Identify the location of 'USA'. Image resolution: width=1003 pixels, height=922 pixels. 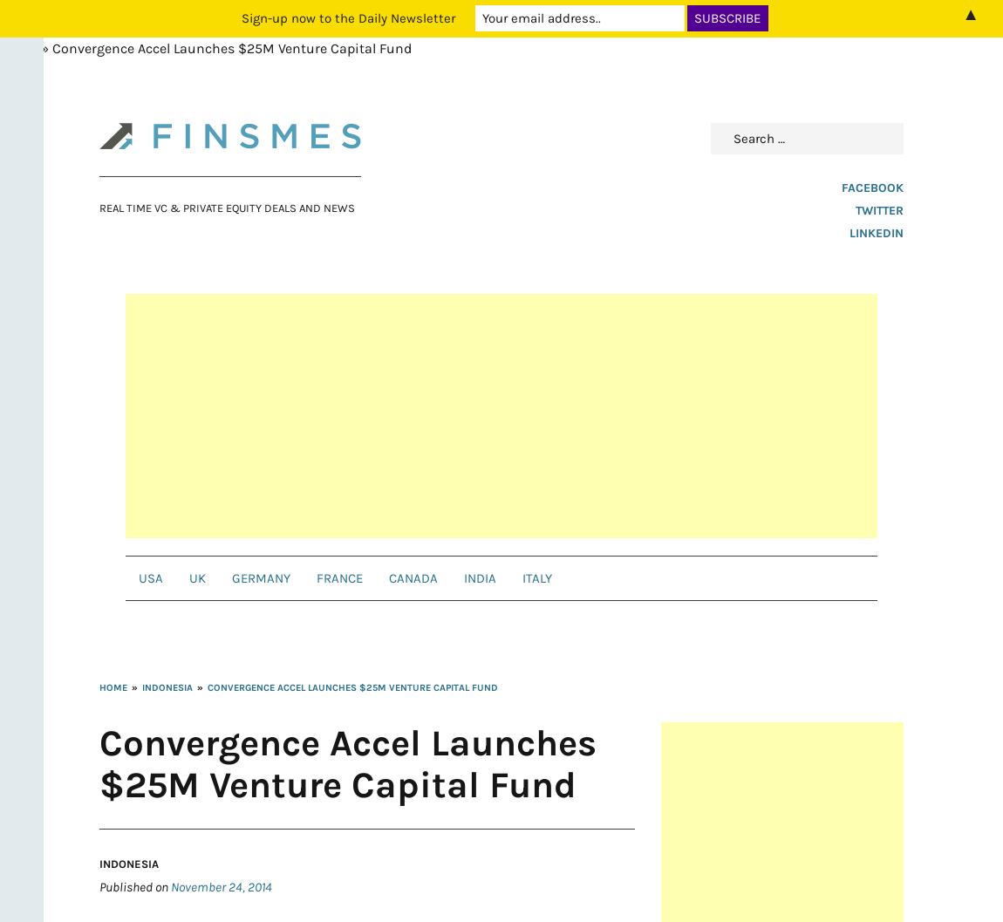
(149, 577).